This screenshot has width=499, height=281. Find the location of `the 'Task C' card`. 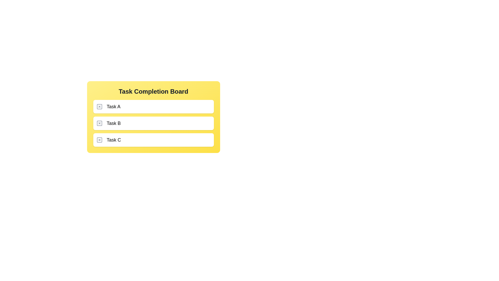

the 'Task C' card is located at coordinates (153, 139).